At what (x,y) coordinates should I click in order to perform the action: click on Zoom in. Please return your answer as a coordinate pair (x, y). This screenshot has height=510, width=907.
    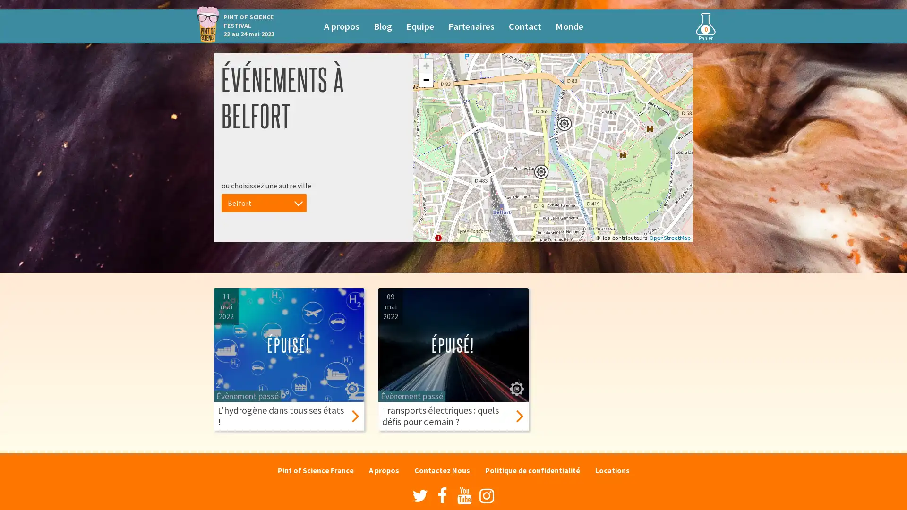
    Looking at the image, I should click on (426, 65).